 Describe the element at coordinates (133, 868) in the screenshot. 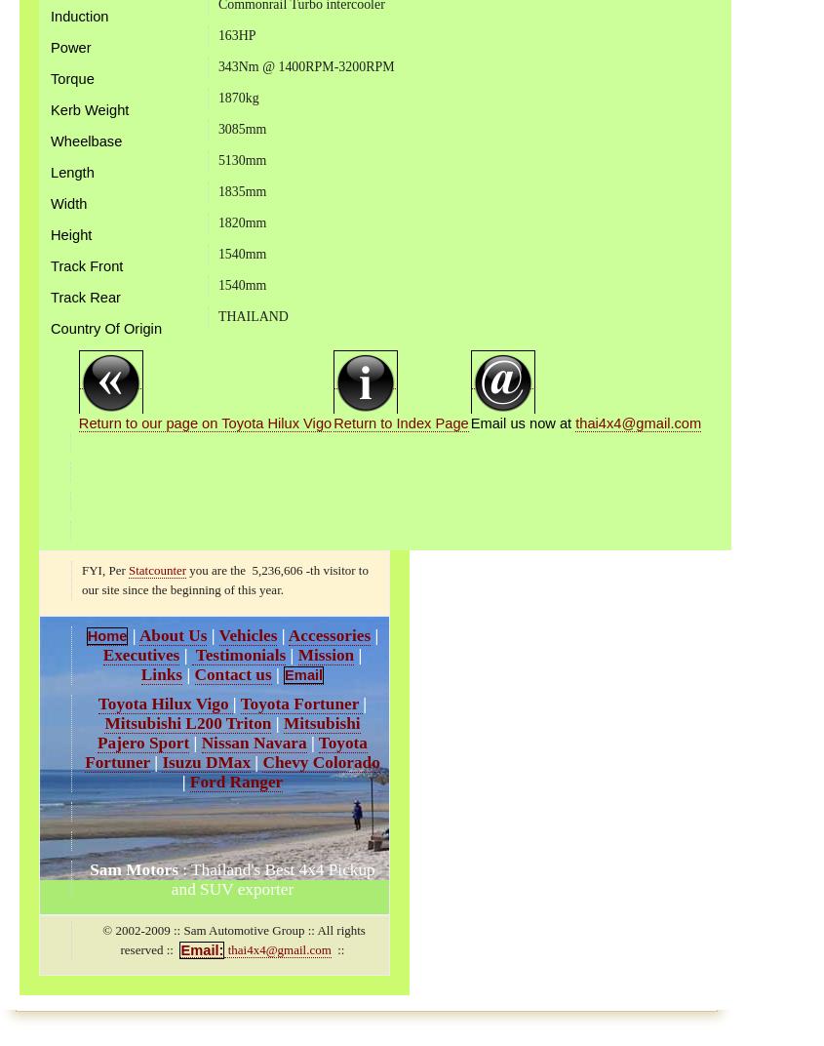

I see `'Sam Motors'` at that location.